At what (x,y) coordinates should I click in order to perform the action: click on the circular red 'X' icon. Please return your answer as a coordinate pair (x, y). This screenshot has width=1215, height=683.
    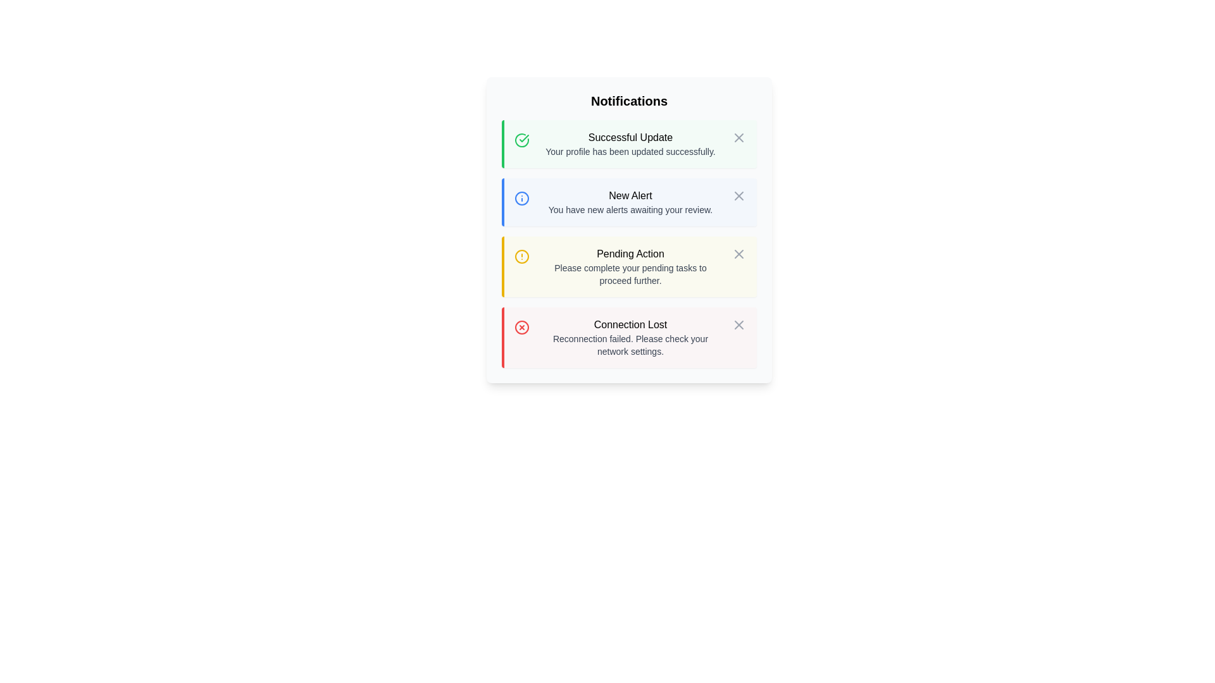
    Looking at the image, I should click on (522, 326).